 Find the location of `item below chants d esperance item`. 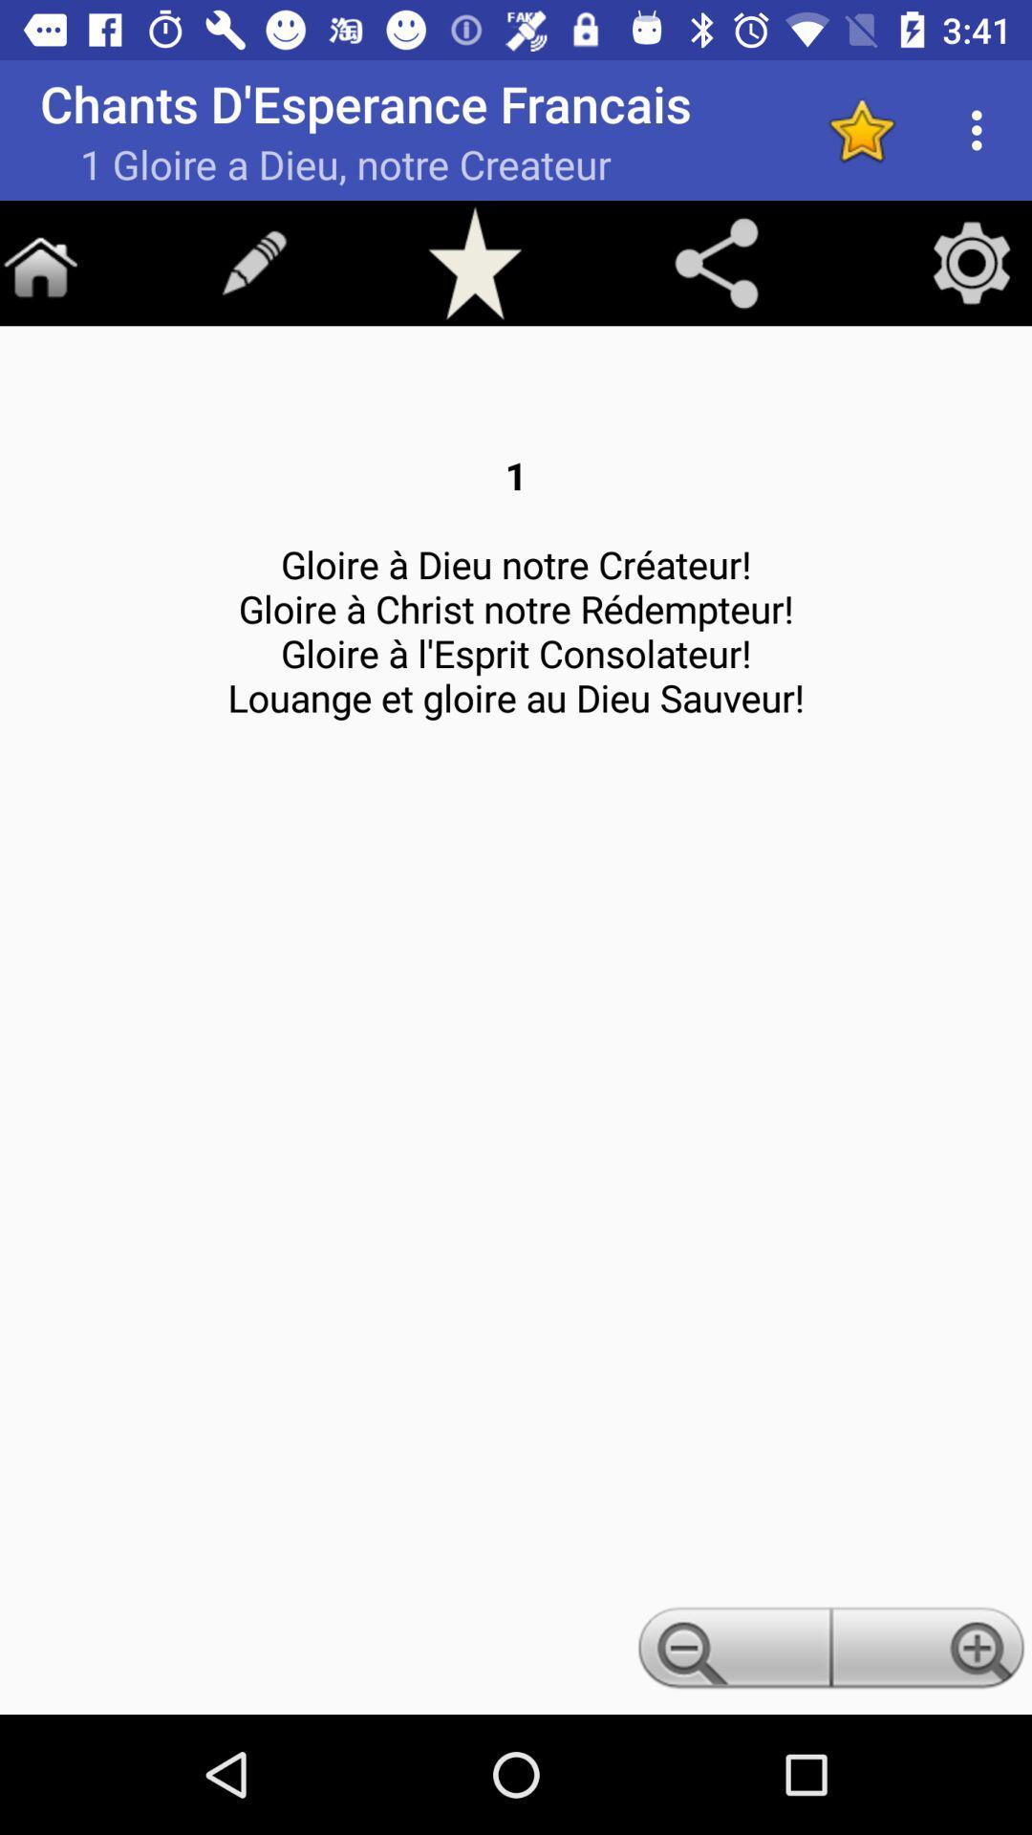

item below chants d esperance item is located at coordinates (716, 262).